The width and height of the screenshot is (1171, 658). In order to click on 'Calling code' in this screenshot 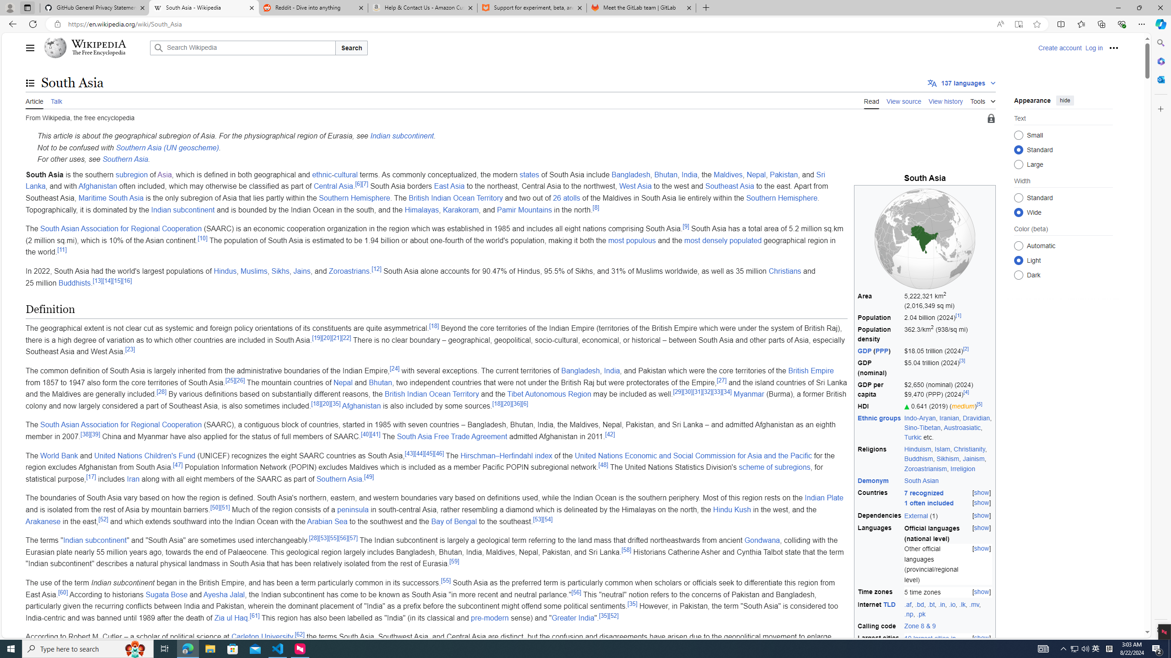, I will do `click(880, 626)`.